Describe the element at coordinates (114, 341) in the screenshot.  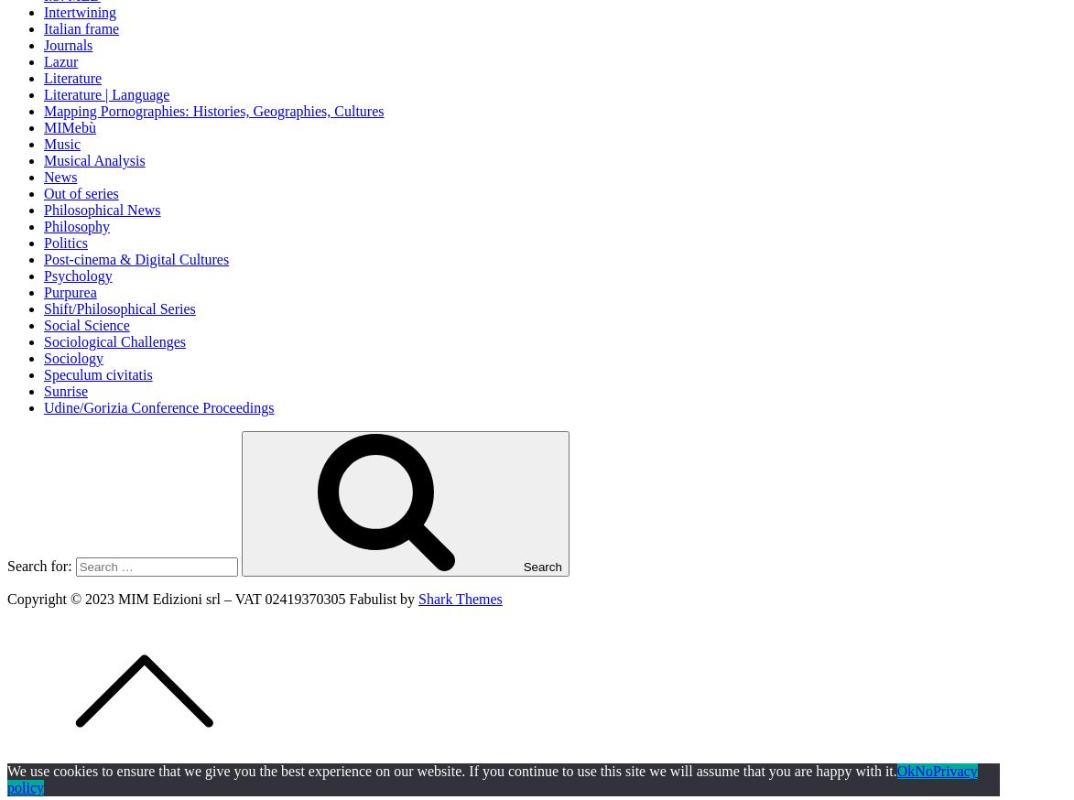
I see `'Sociological Challenges'` at that location.